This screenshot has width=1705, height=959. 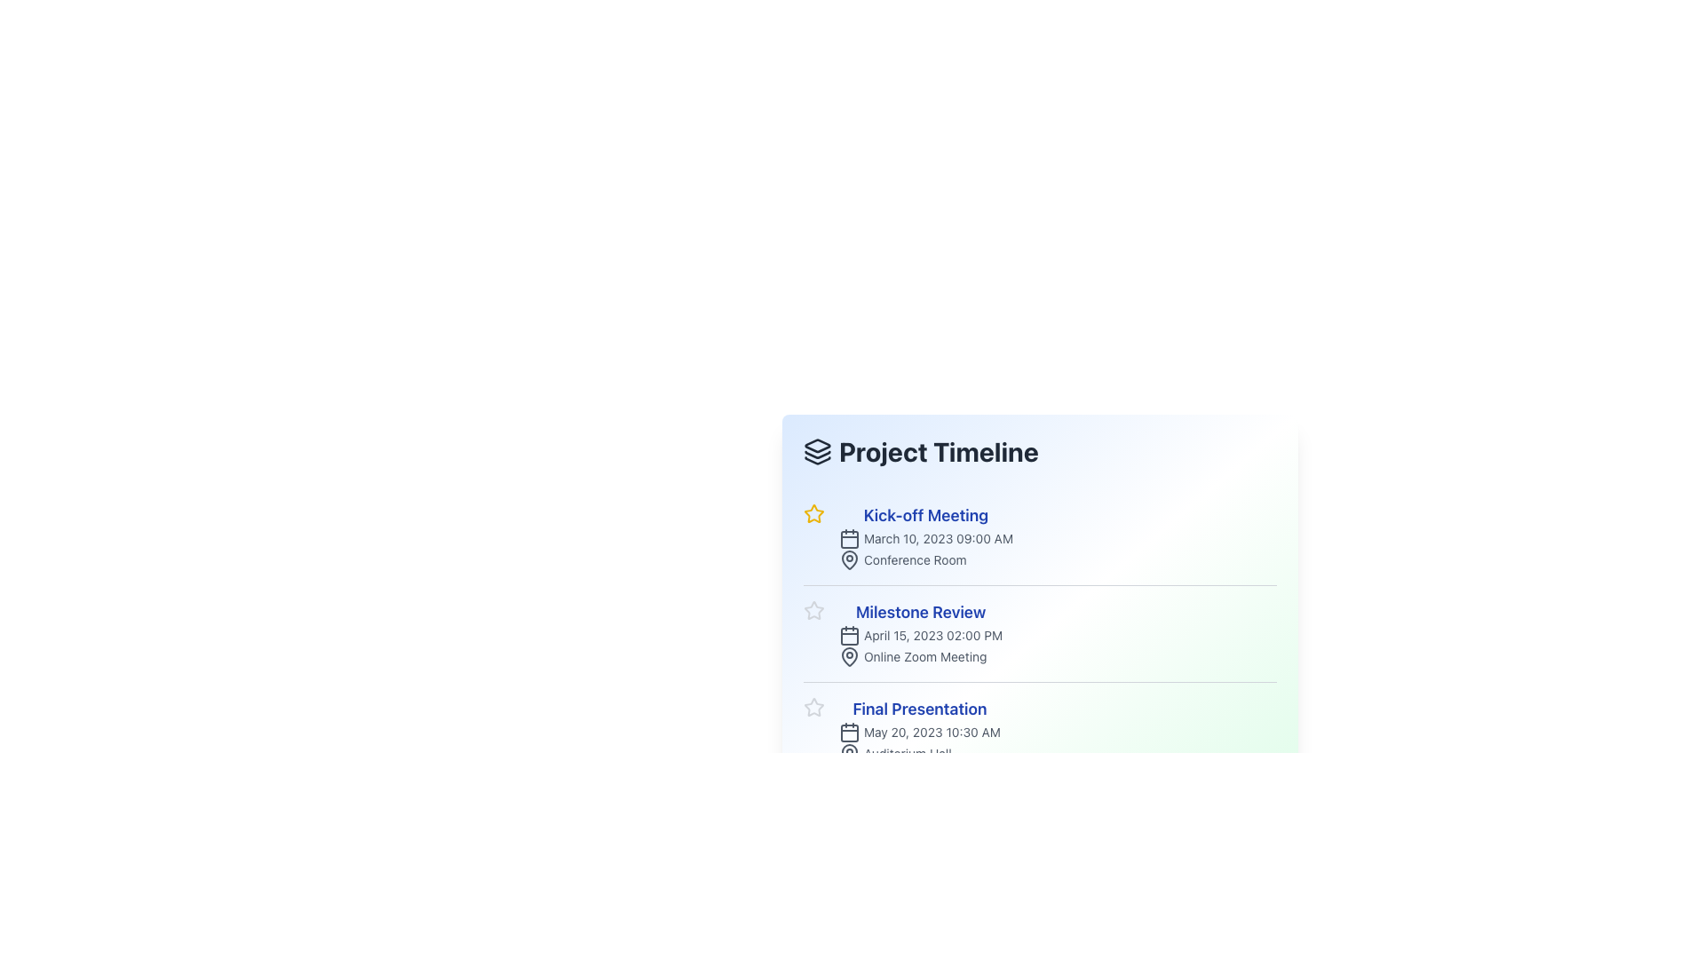 I want to click on text of the prominent blue label 'Milestone Review' displayed in bold within the timeline interface, positioned below 'Kick-off Meeting' and above 'Final Presentation', so click(x=920, y=612).